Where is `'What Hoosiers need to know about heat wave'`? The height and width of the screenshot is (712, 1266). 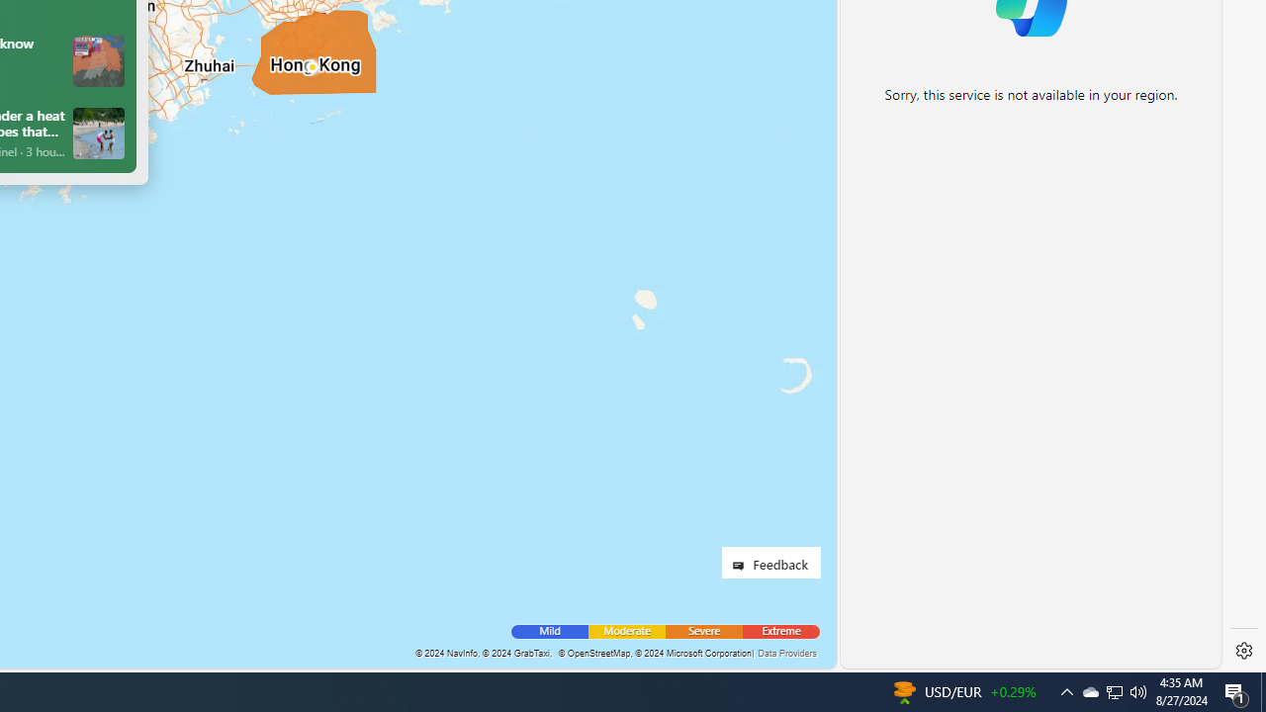 'What Hoosiers need to know about heat wave' is located at coordinates (97, 59).